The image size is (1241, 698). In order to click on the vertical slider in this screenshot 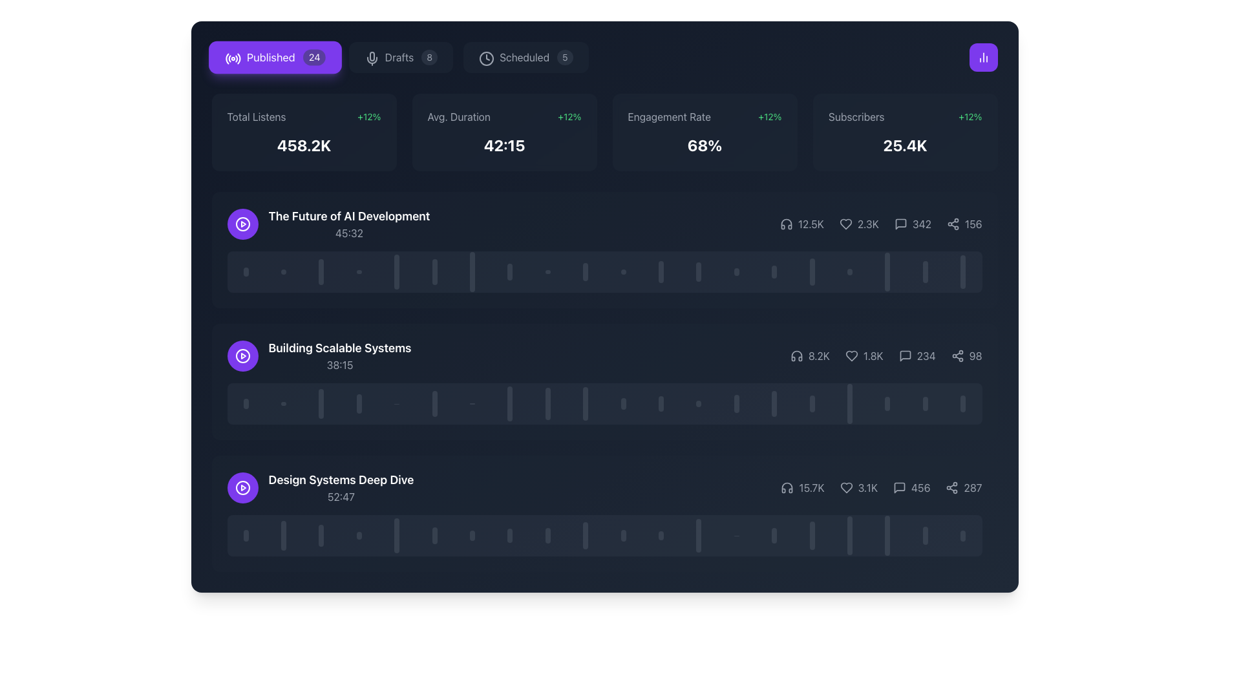, I will do `click(811, 528)`.